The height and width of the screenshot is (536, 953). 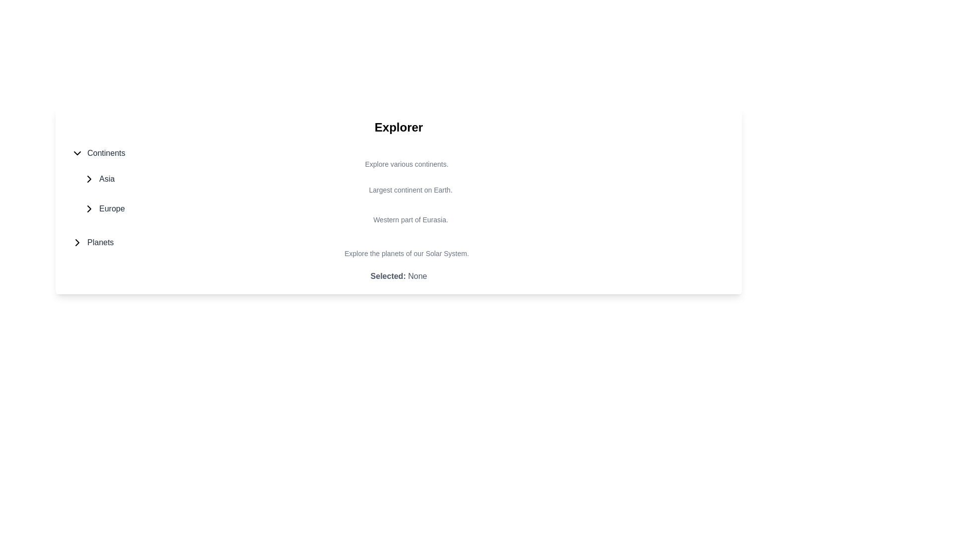 What do you see at coordinates (106, 153) in the screenshot?
I see `the continent label in the dropdown menu` at bounding box center [106, 153].